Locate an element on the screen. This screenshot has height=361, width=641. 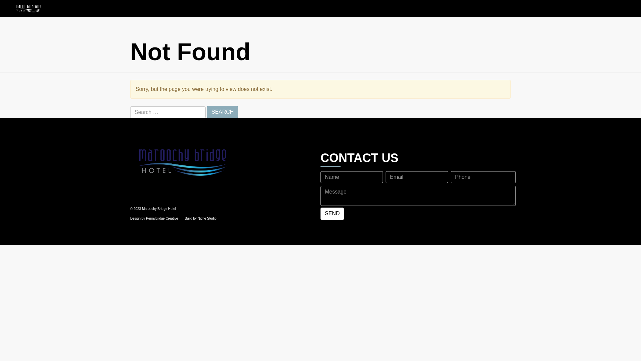
'Search' is located at coordinates (222, 112).